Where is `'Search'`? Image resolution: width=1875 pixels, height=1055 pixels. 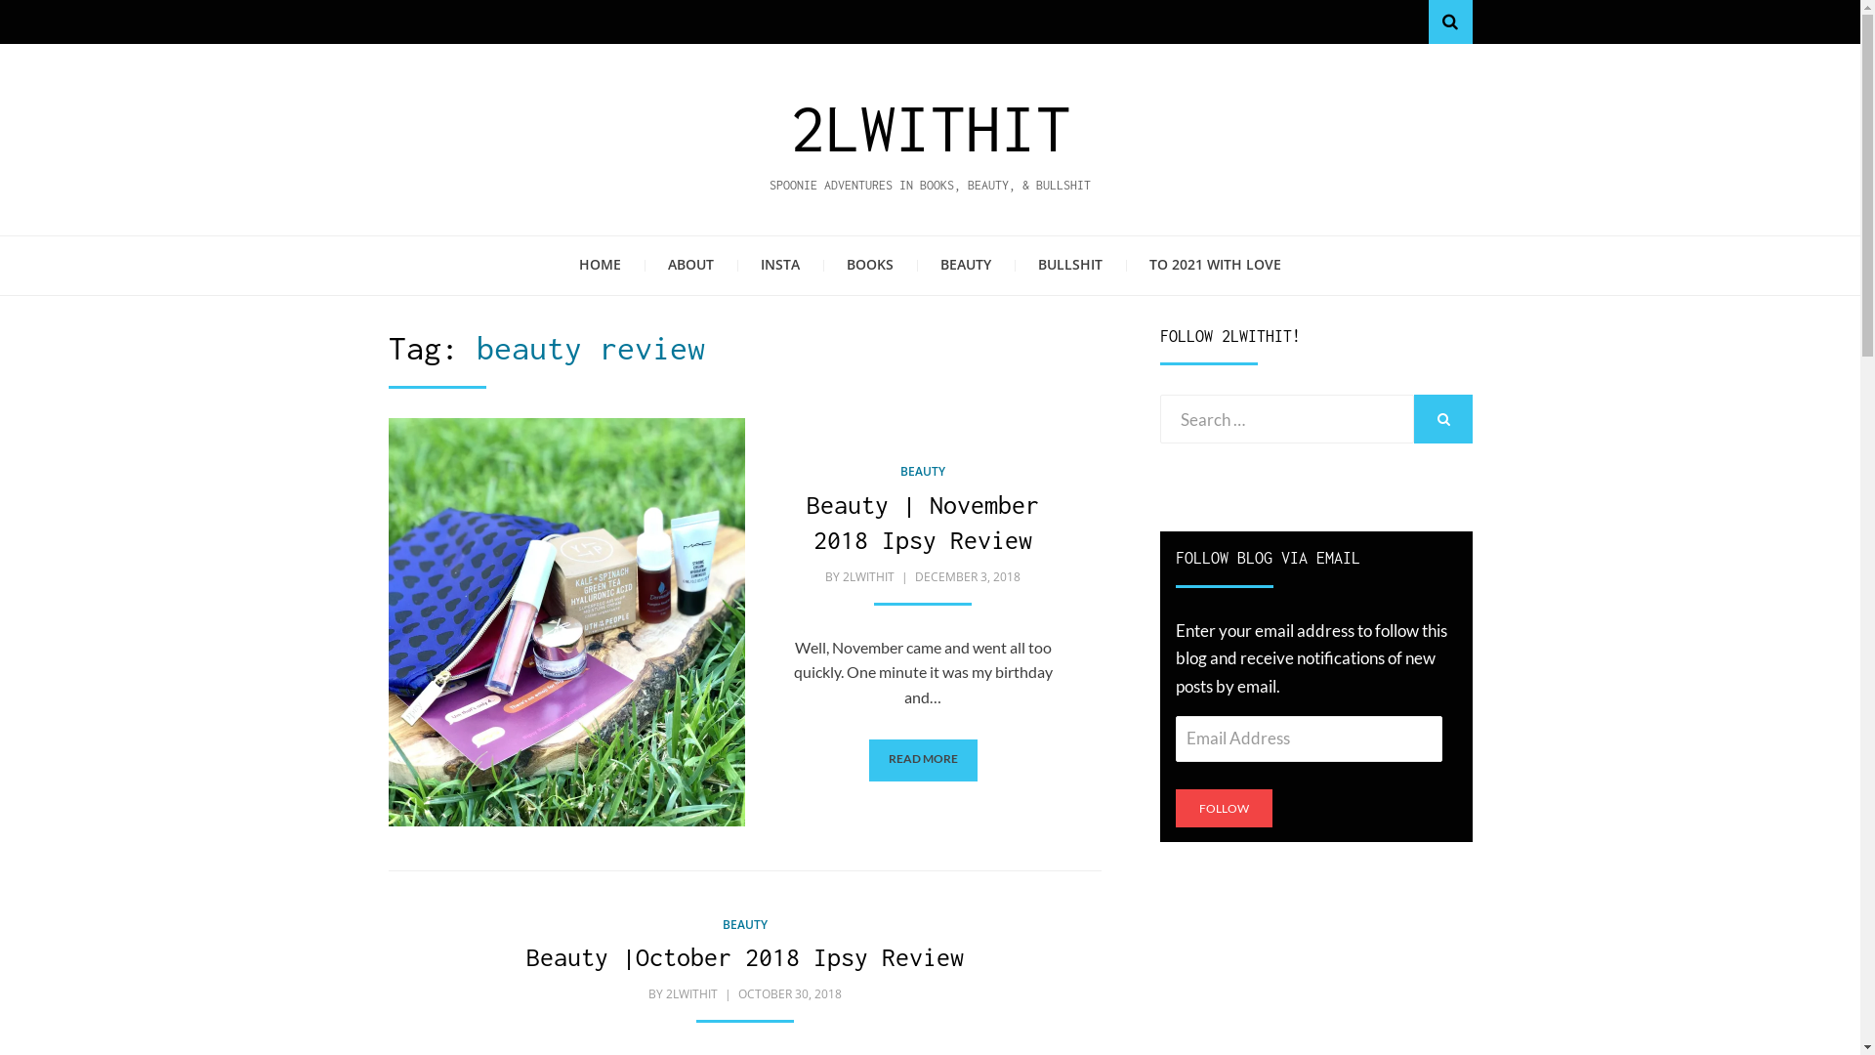 'Search' is located at coordinates (1449, 21).